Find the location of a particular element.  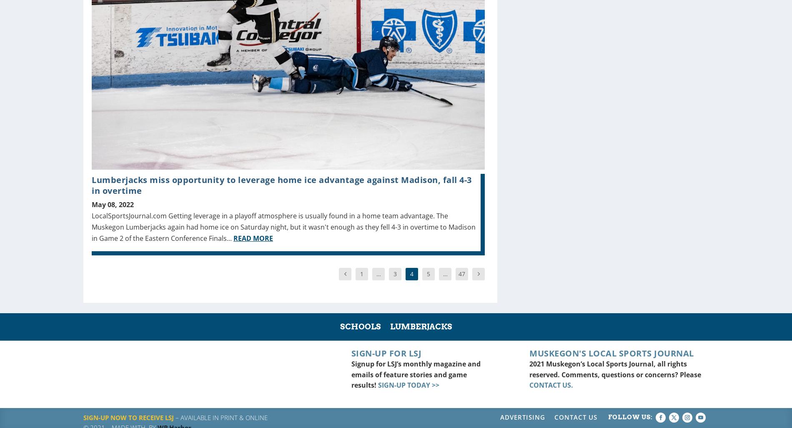

'LocalSportsJournal.com

Getting leverage in a playoff atmosphere is usually found in a home team advantage. 

The Muskegon Lumberjacks again had home ice on Saturday night, but it wasn't enough as they fell 4-3 in overtime to Madison in Game 2 of the Eastern Conference Finals...' is located at coordinates (283, 226).